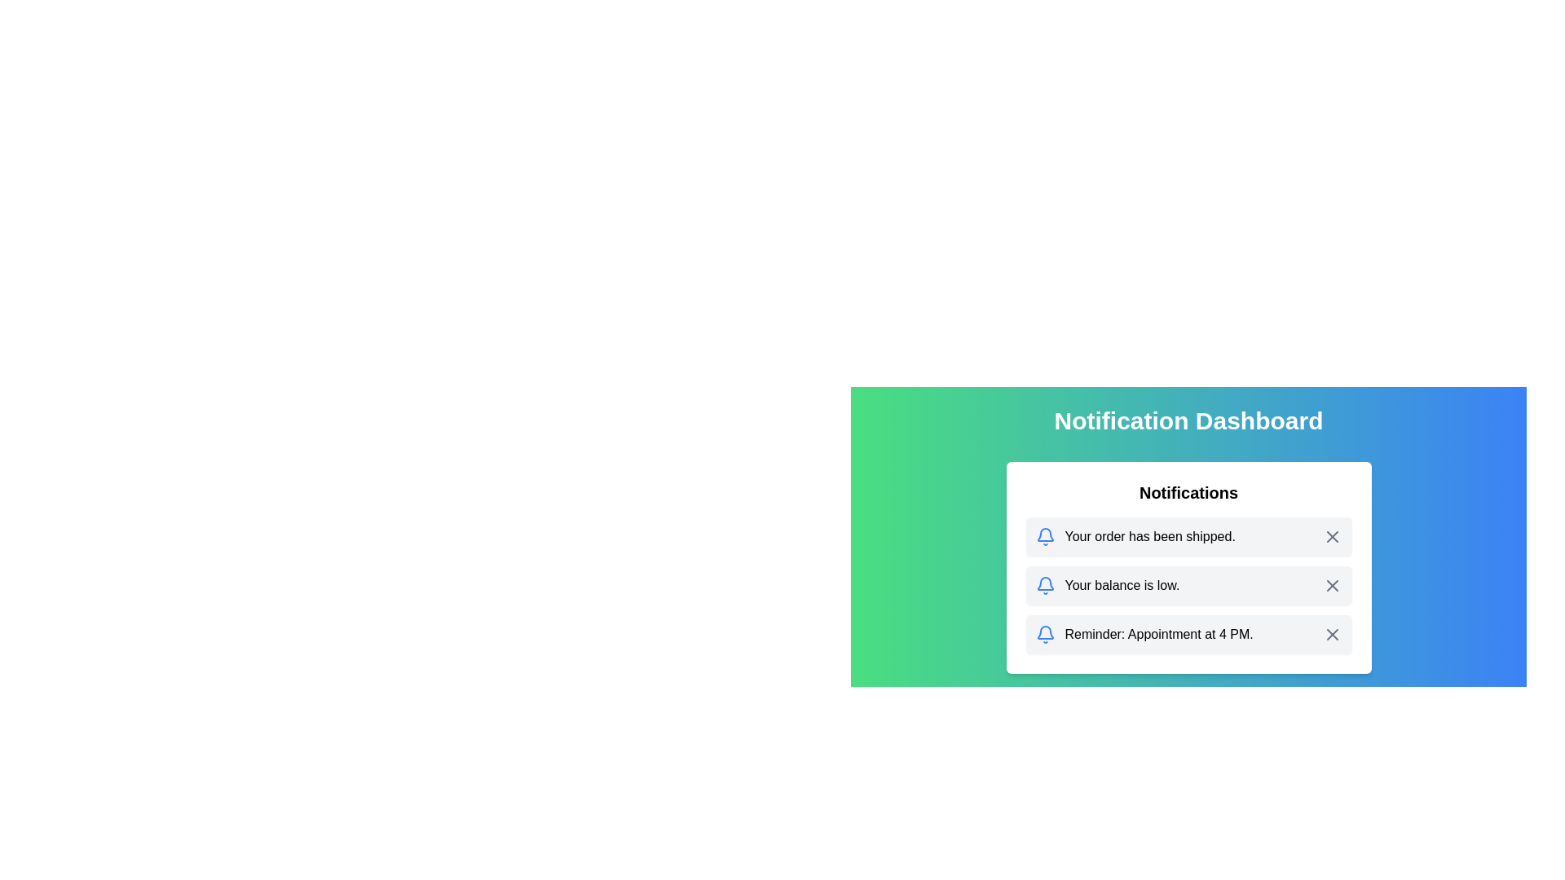 Image resolution: width=1565 pixels, height=880 pixels. Describe the element at coordinates (1144, 634) in the screenshot. I see `notification text from the Notification item which features a blue bell icon and the text 'Reminder: Appointment at 4 PM.'` at that location.